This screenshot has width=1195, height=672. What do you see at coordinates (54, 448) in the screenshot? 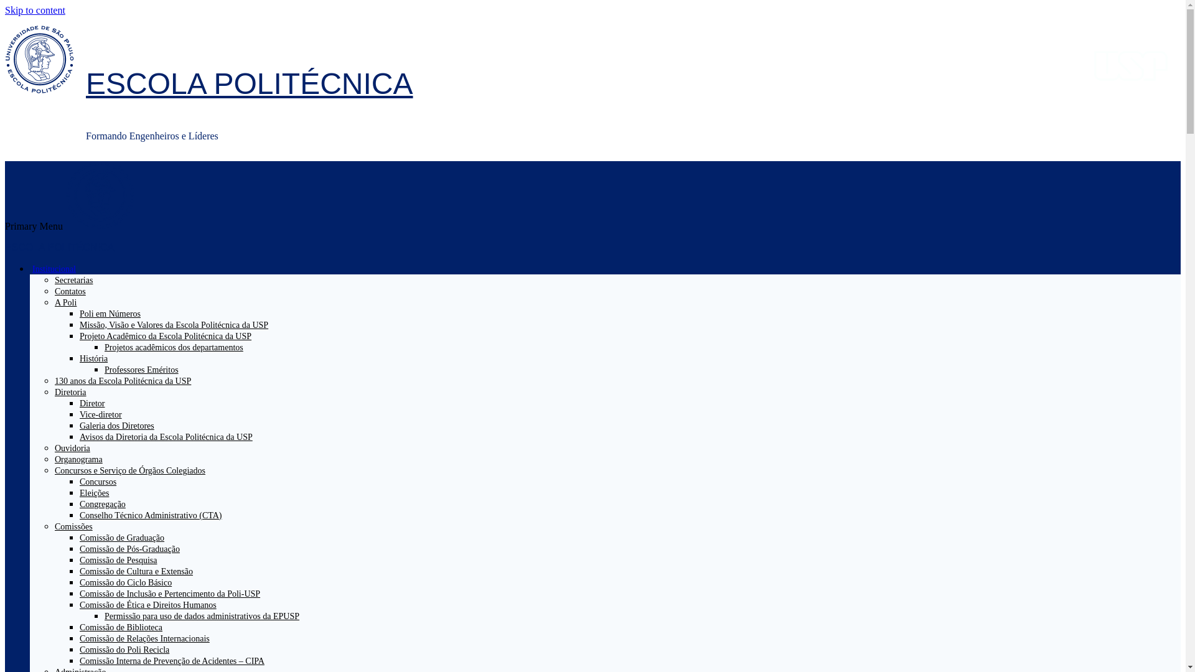
I see `'Ouvidoria'` at bounding box center [54, 448].